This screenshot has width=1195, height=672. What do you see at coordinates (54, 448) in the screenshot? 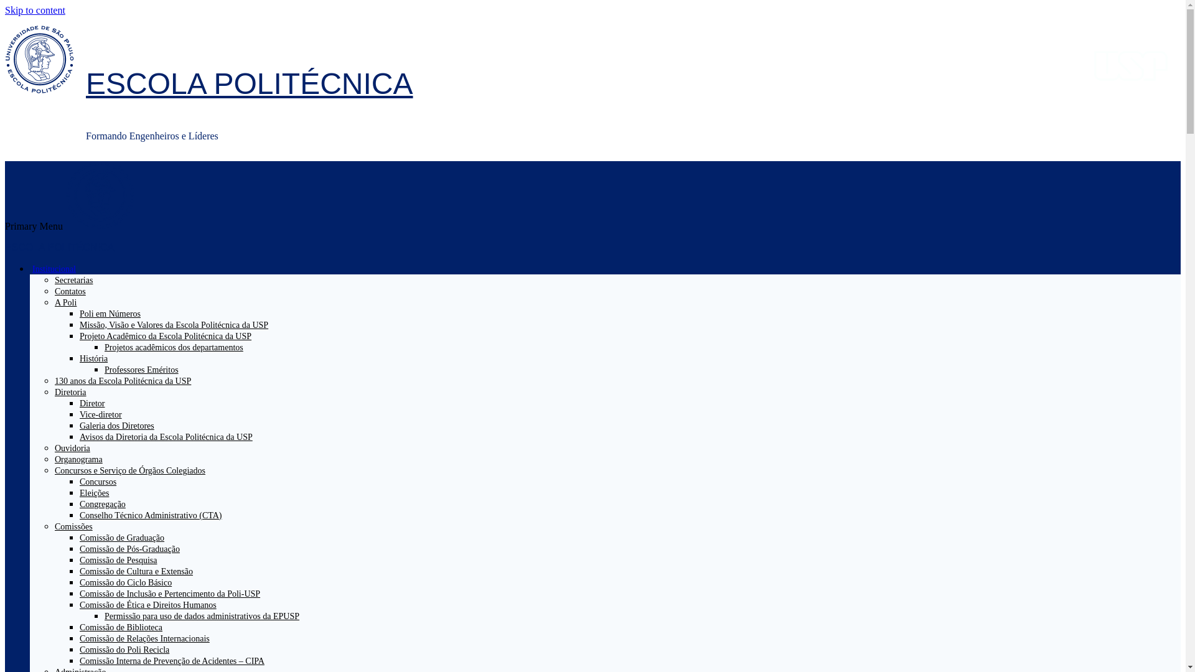
I see `'Ouvidoria'` at bounding box center [54, 448].